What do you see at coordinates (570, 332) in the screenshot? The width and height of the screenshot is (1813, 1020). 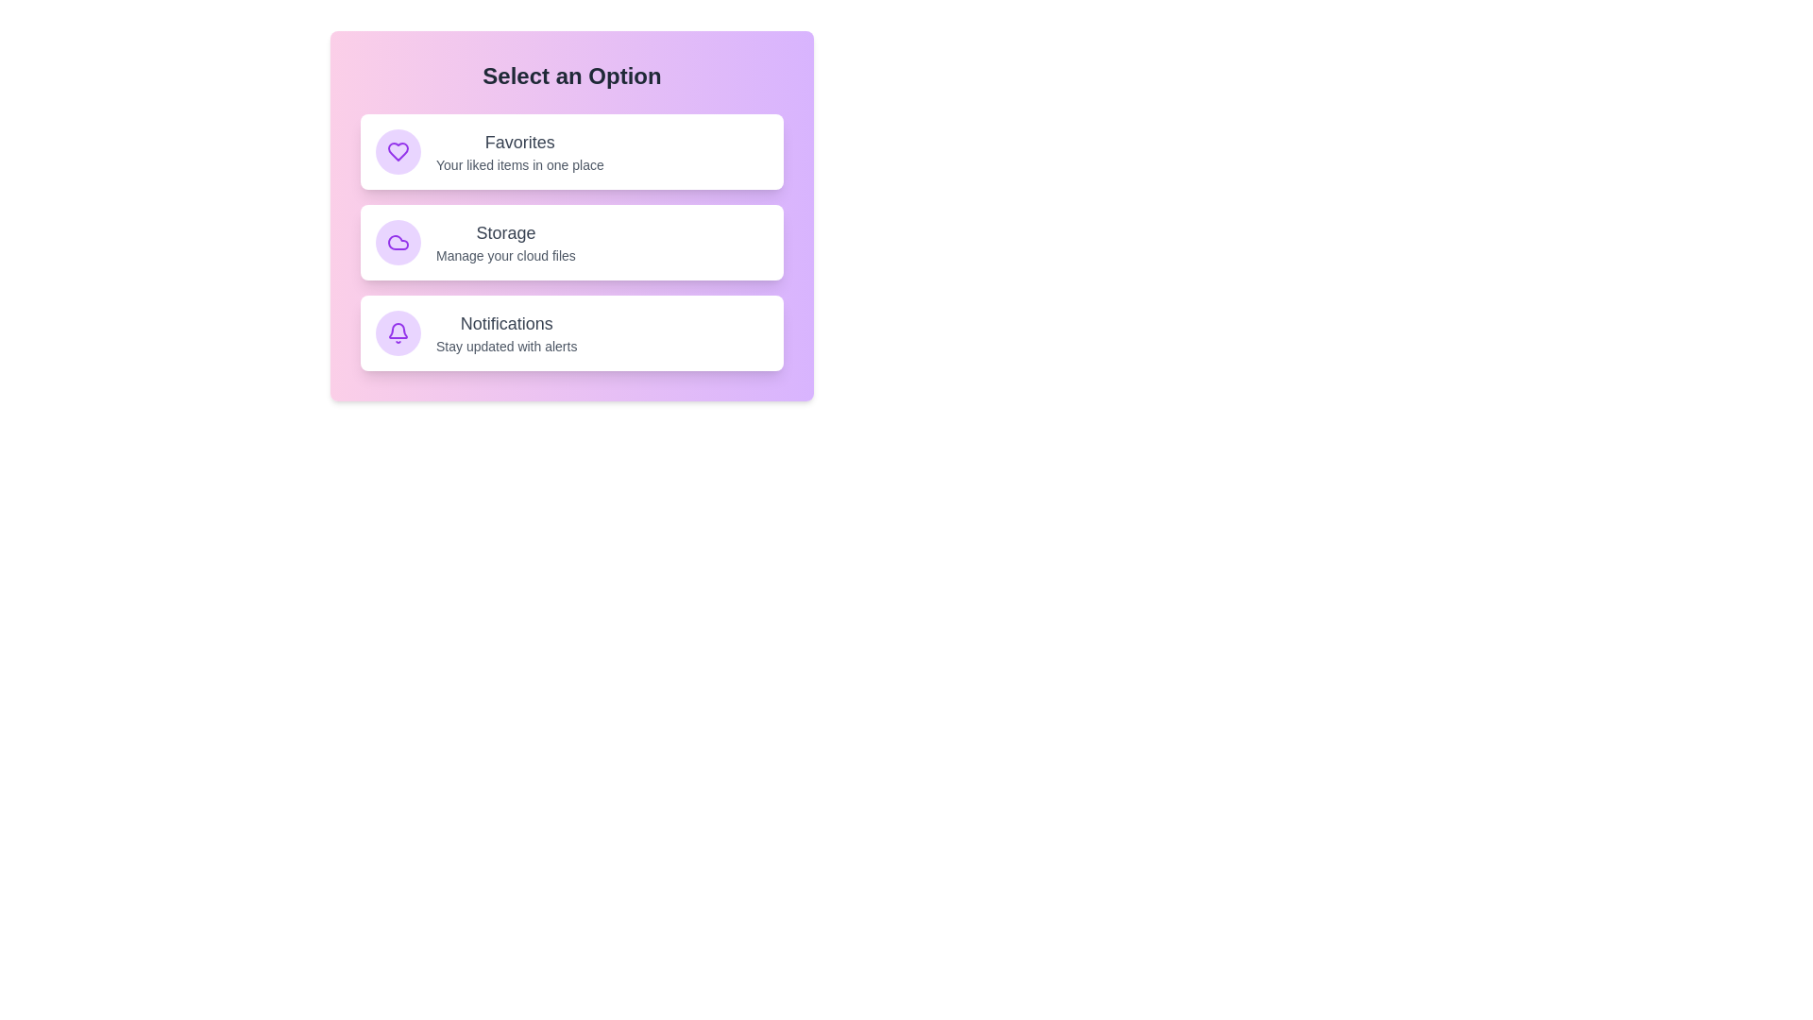 I see `the item 'Notifications' to observe its hover effect` at bounding box center [570, 332].